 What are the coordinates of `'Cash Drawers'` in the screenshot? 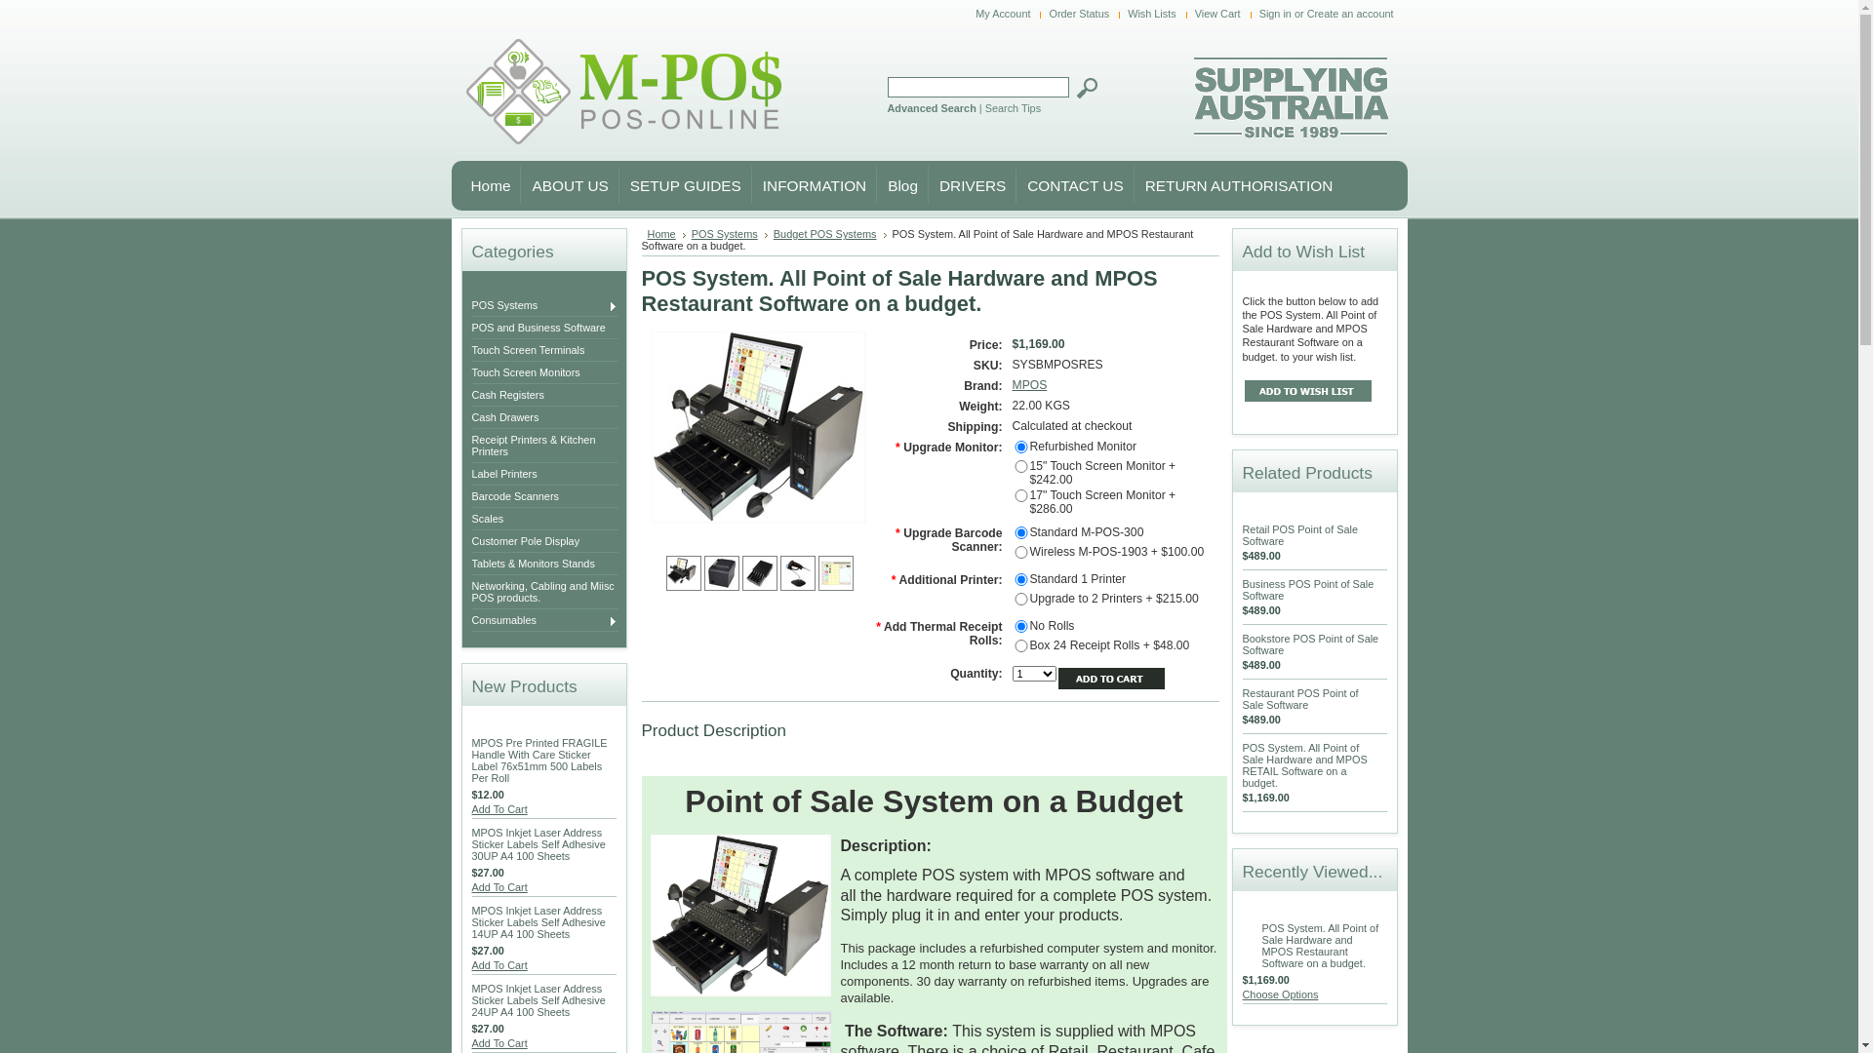 It's located at (547, 416).